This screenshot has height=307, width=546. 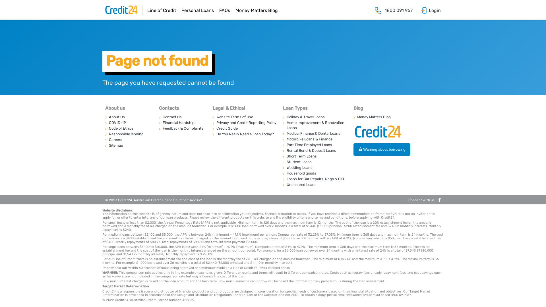 What do you see at coordinates (315, 117) in the screenshot?
I see `'Holiday & Travel Loans'` at bounding box center [315, 117].